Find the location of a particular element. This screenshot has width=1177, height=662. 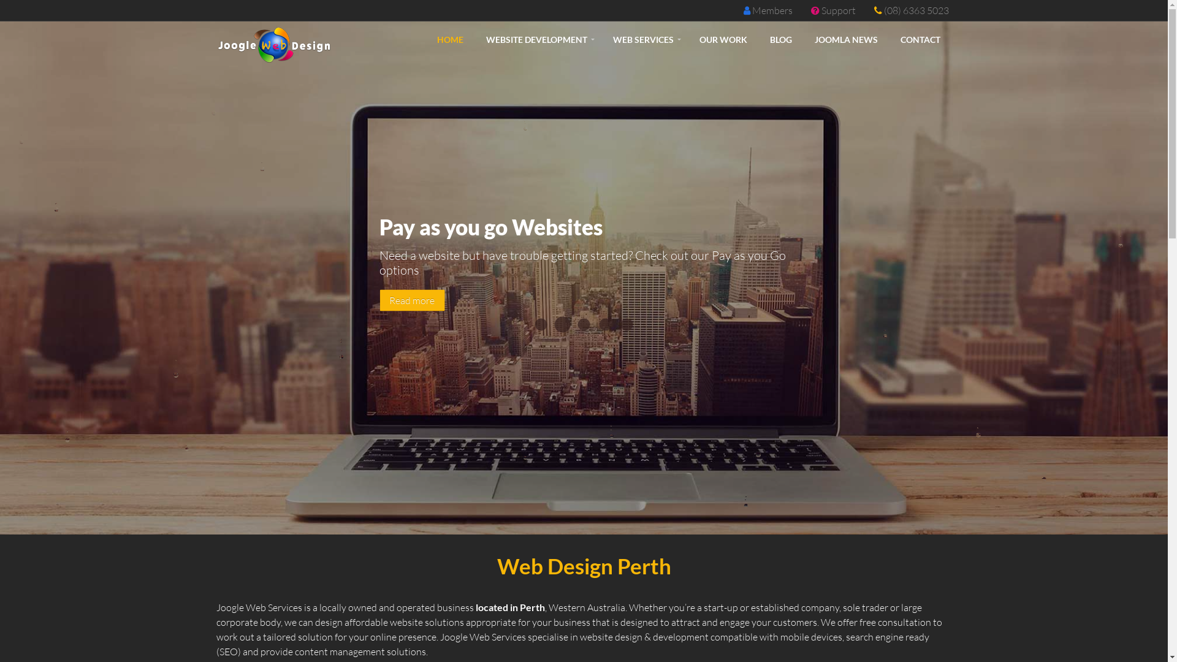

'WEBSITE DEVELOPMENT' is located at coordinates (538, 39).